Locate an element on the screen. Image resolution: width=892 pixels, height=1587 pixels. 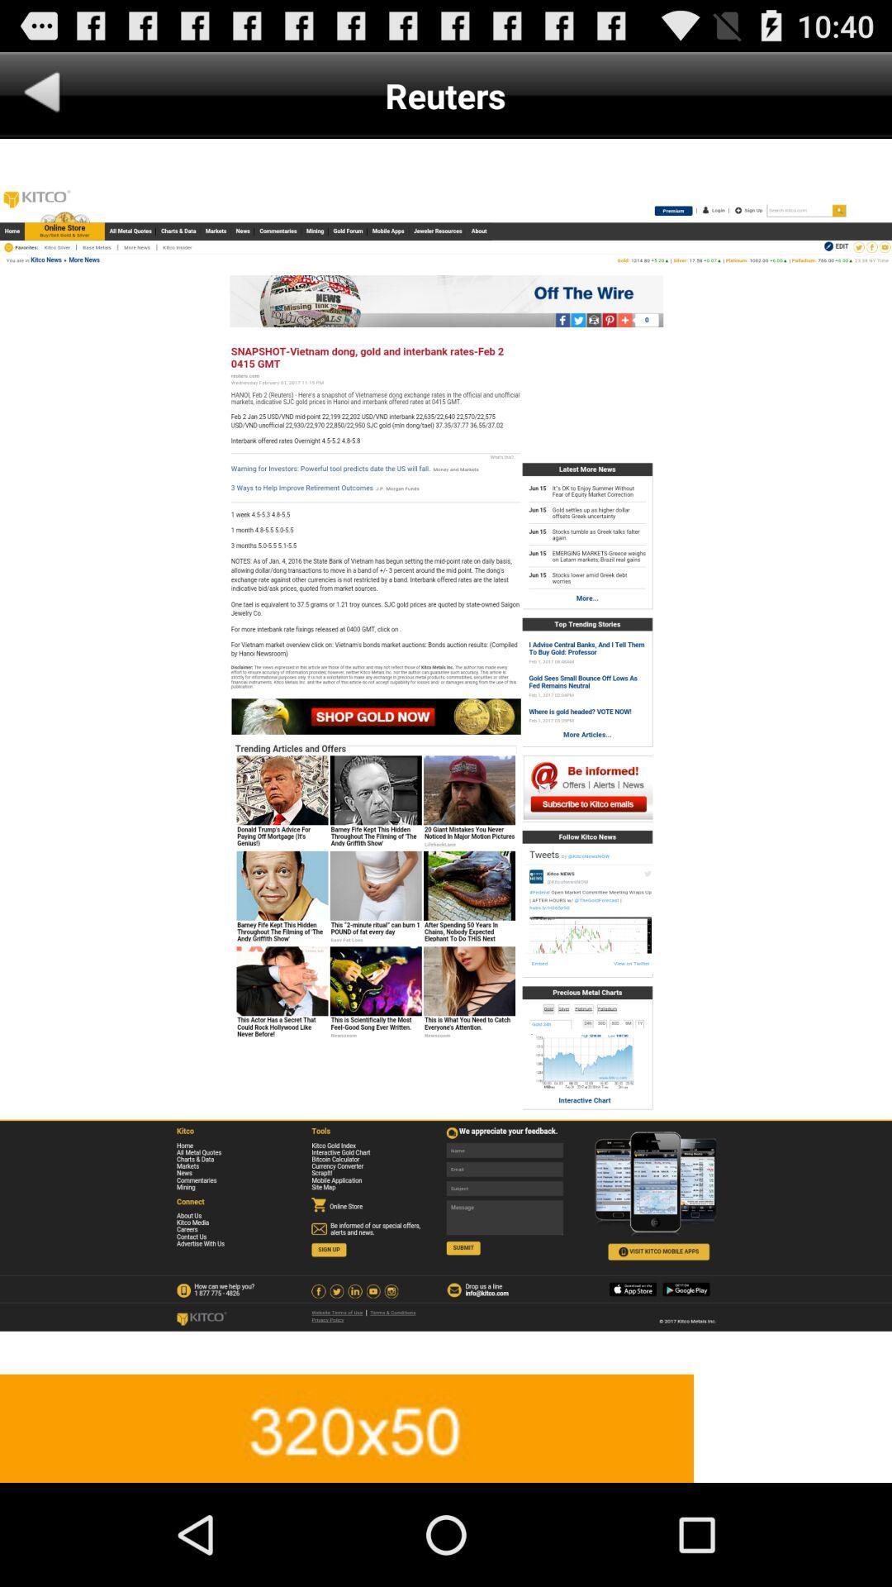
change advertisement size is located at coordinates (446, 1427).